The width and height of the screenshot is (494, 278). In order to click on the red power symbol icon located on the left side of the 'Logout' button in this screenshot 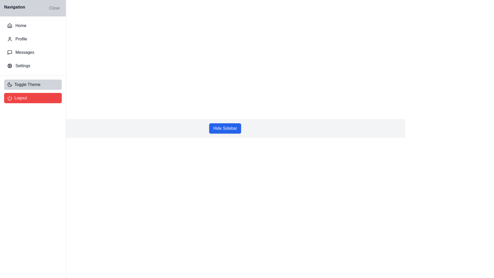, I will do `click(10, 98)`.